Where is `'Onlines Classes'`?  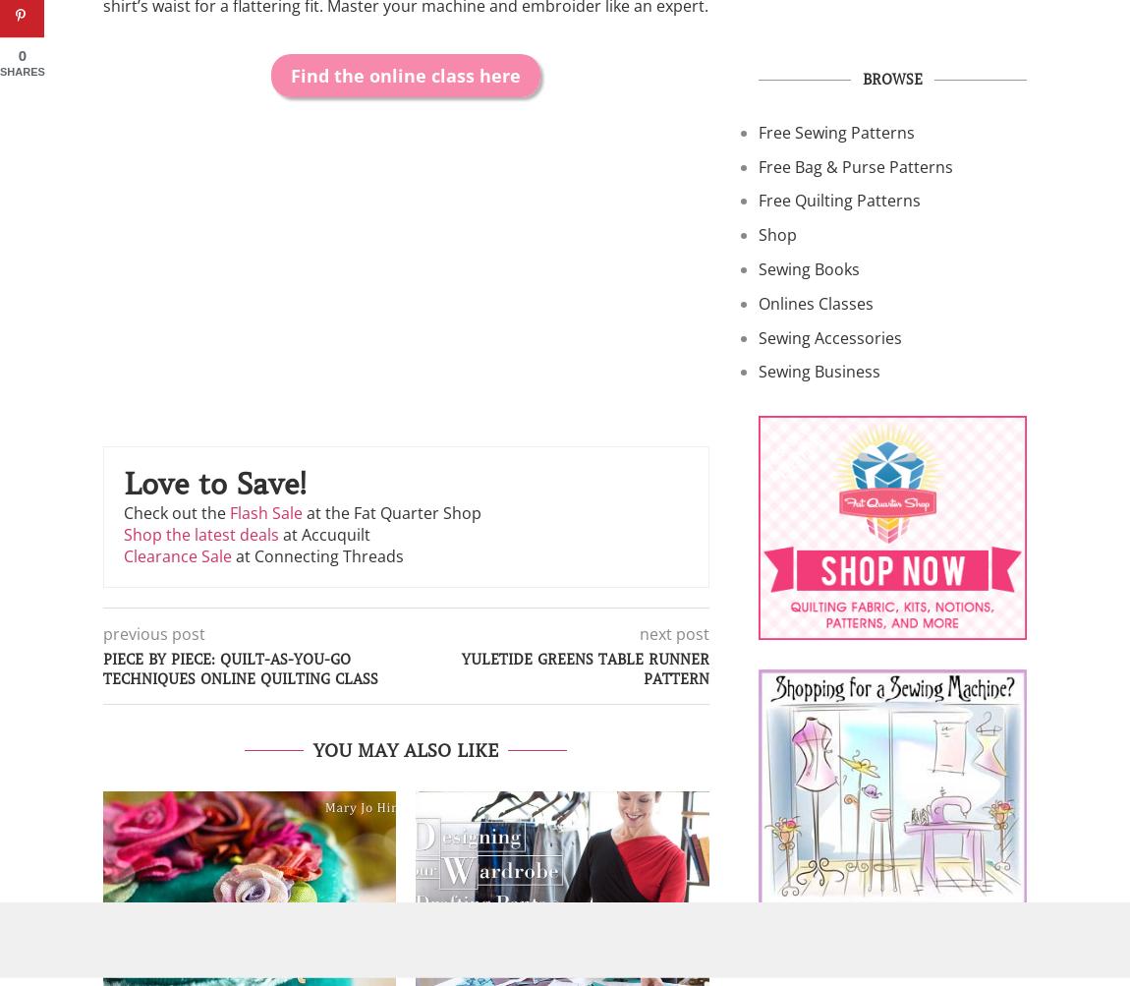
'Onlines Classes' is located at coordinates (756, 302).